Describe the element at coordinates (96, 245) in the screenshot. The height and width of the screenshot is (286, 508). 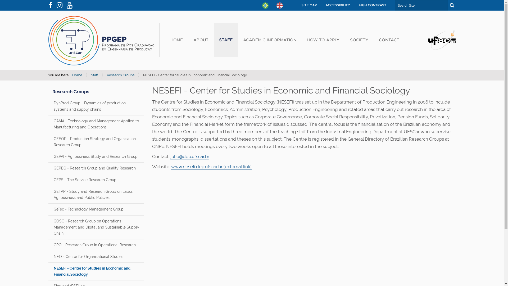
I see `'GPO - Research Group in Operational Research'` at that location.